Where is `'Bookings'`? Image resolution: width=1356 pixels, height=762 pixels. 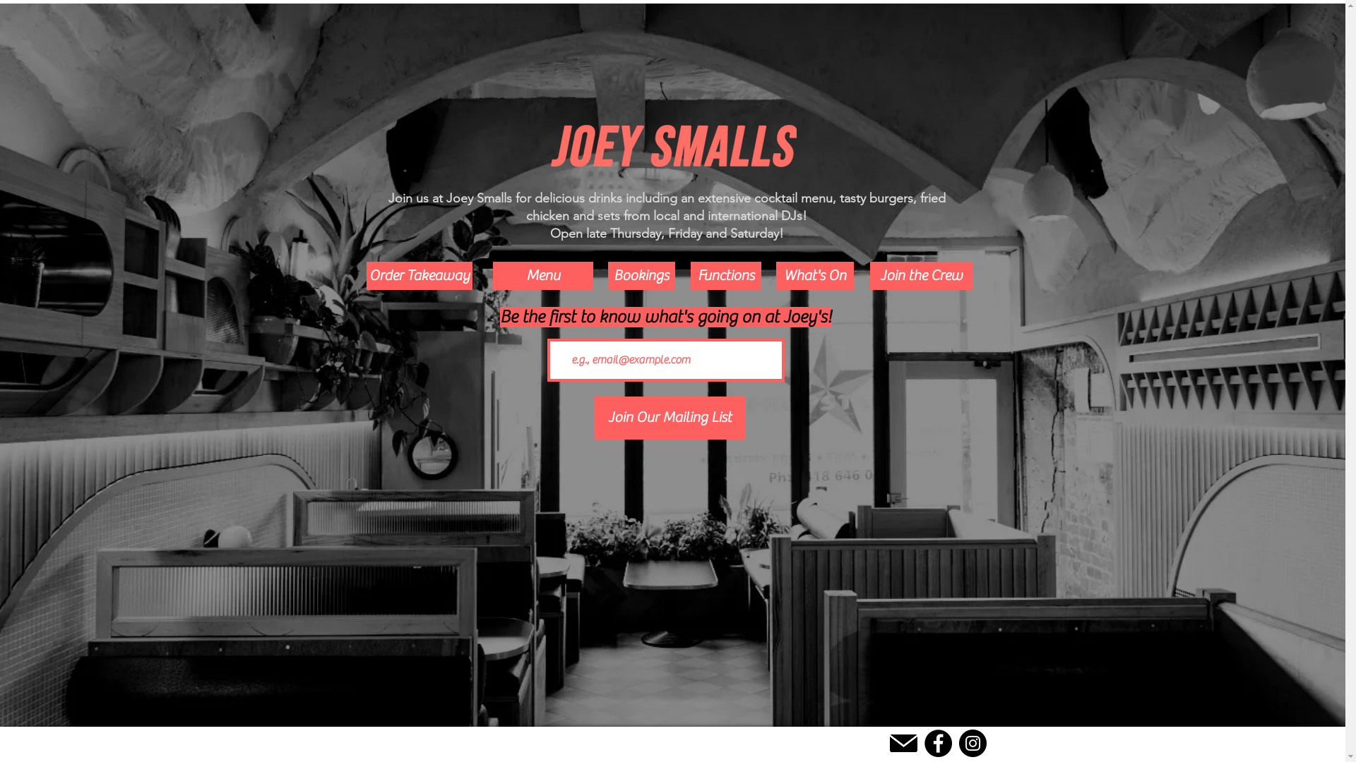 'Bookings' is located at coordinates (607, 275).